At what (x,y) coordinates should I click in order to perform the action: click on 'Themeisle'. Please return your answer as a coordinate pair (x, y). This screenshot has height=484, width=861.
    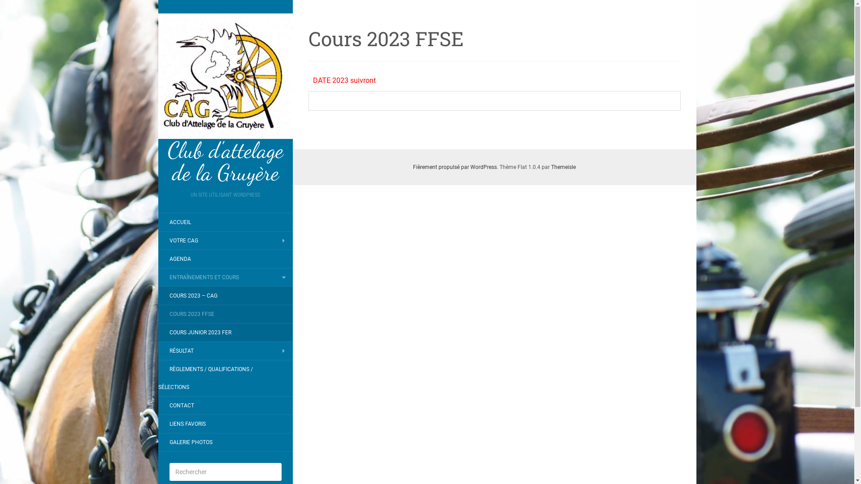
    Looking at the image, I should click on (563, 167).